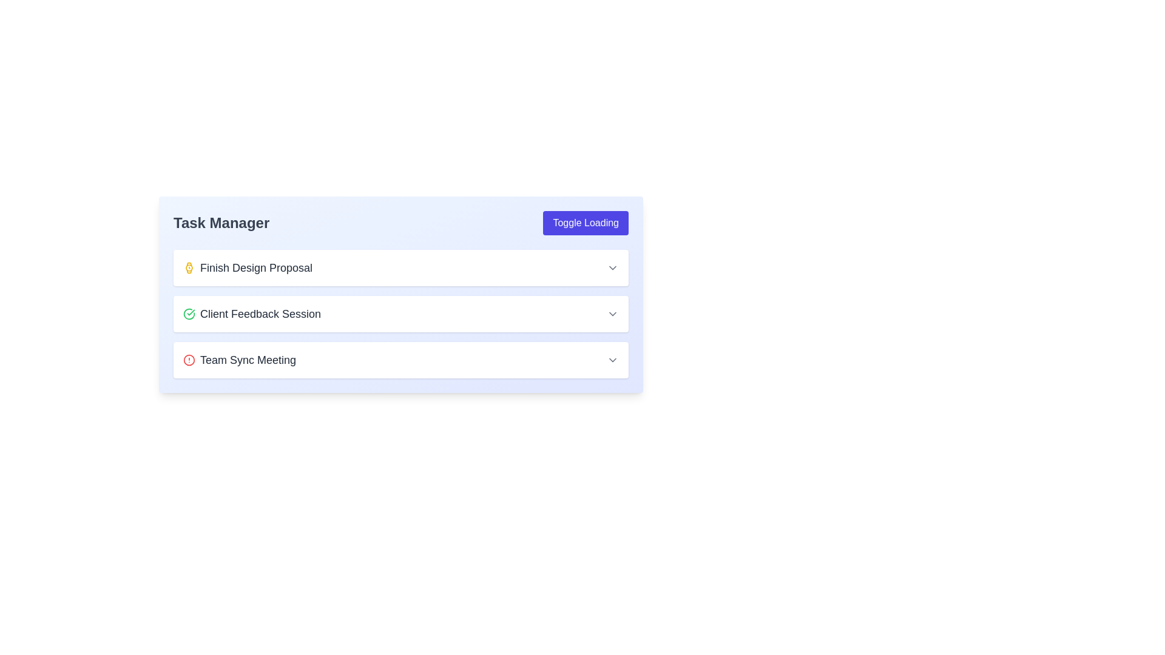  I want to click on the text label displaying 'Finish Design Proposal', which is located in the first task row of the task manager interface, centered to the right of an icon, so click(255, 267).